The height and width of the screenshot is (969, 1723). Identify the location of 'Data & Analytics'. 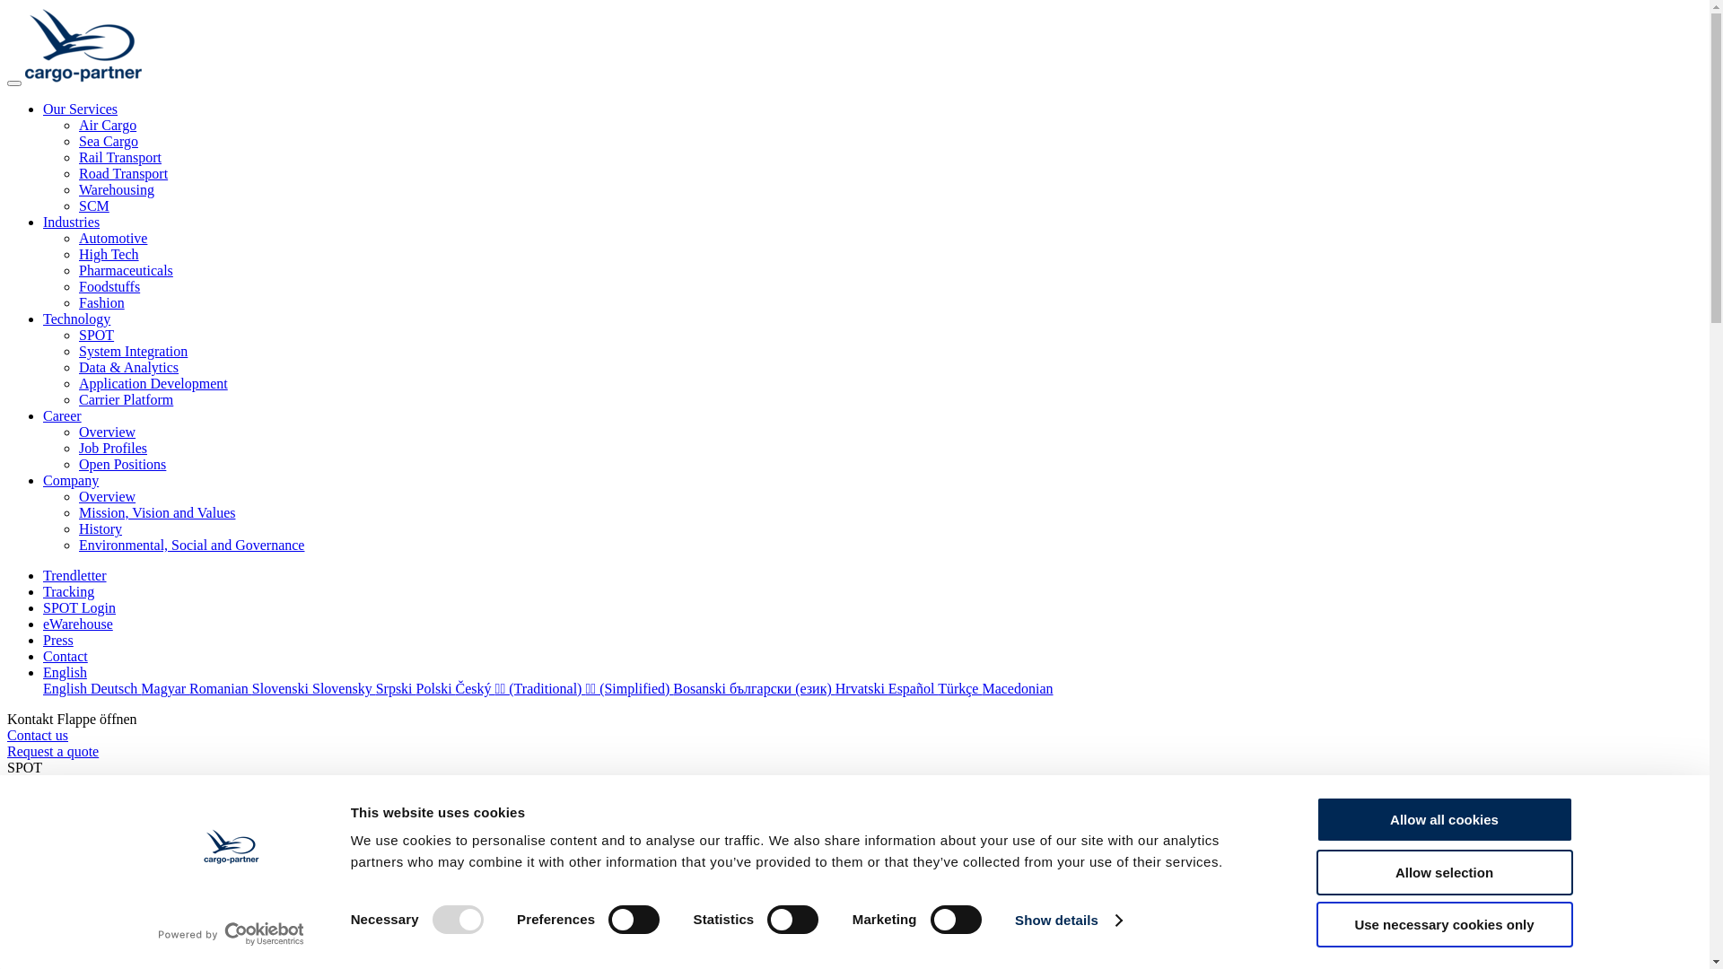
(127, 366).